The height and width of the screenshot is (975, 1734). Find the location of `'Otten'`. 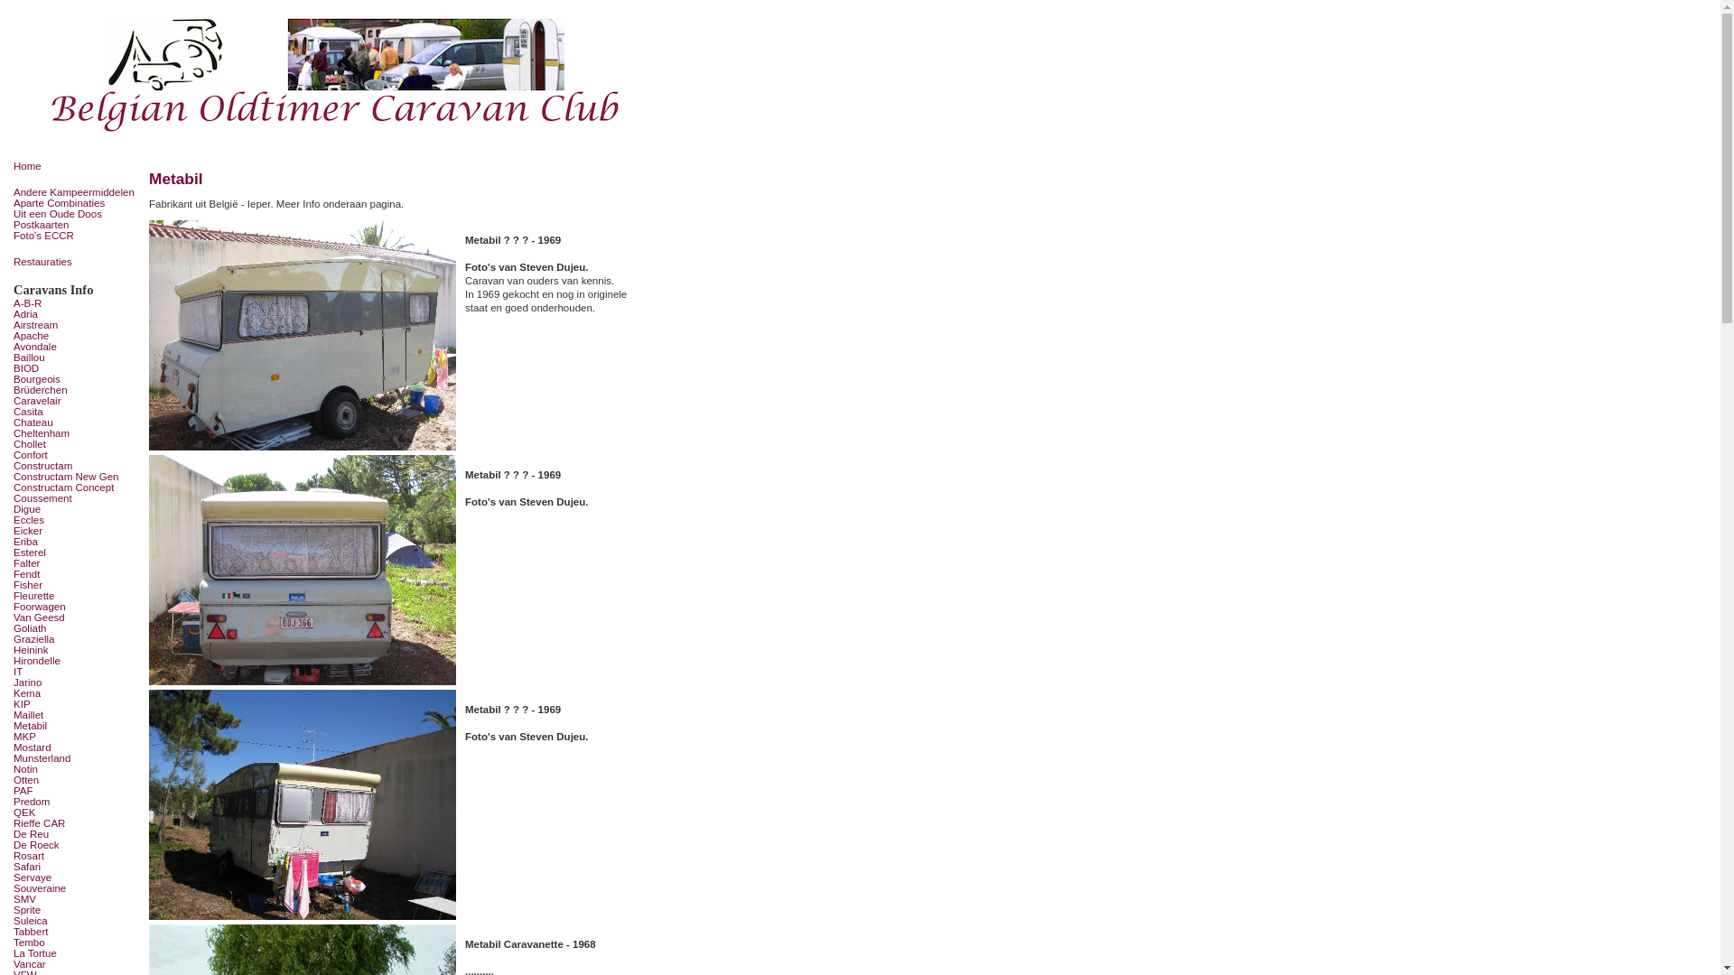

'Otten' is located at coordinates (76, 779).